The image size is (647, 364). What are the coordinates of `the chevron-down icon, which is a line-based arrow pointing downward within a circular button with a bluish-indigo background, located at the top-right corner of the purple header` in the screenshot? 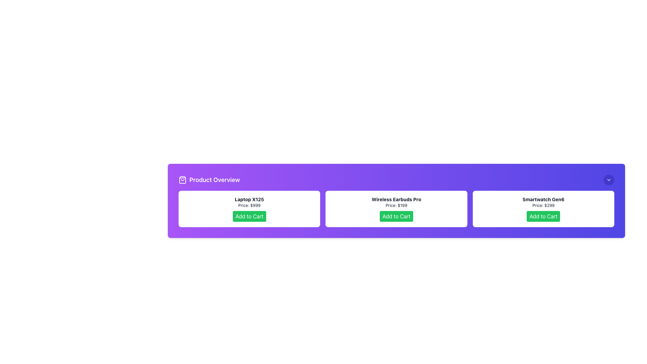 It's located at (609, 179).